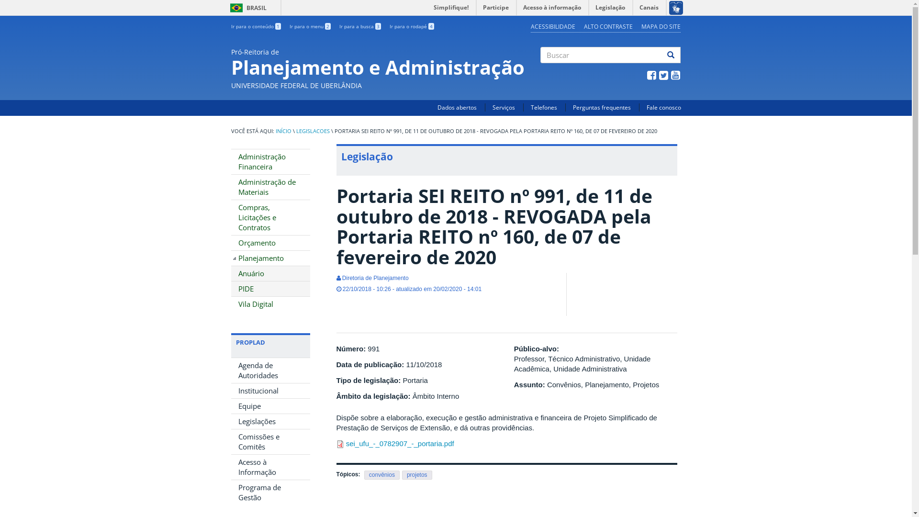 The width and height of the screenshot is (919, 517). What do you see at coordinates (269, 304) in the screenshot?
I see `'Vila Digital'` at bounding box center [269, 304].